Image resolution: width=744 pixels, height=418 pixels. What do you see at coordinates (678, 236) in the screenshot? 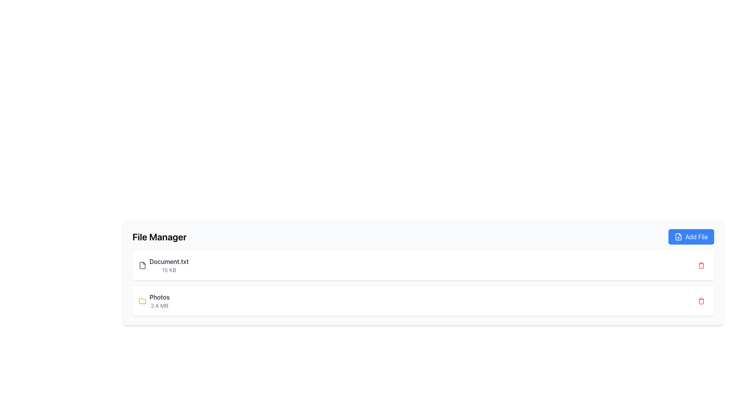
I see `the icon symbolizing a file with a plus sign, located to the left of the 'Add File' text within the 'Add File' button in the top-right corner of the file management interface` at bounding box center [678, 236].